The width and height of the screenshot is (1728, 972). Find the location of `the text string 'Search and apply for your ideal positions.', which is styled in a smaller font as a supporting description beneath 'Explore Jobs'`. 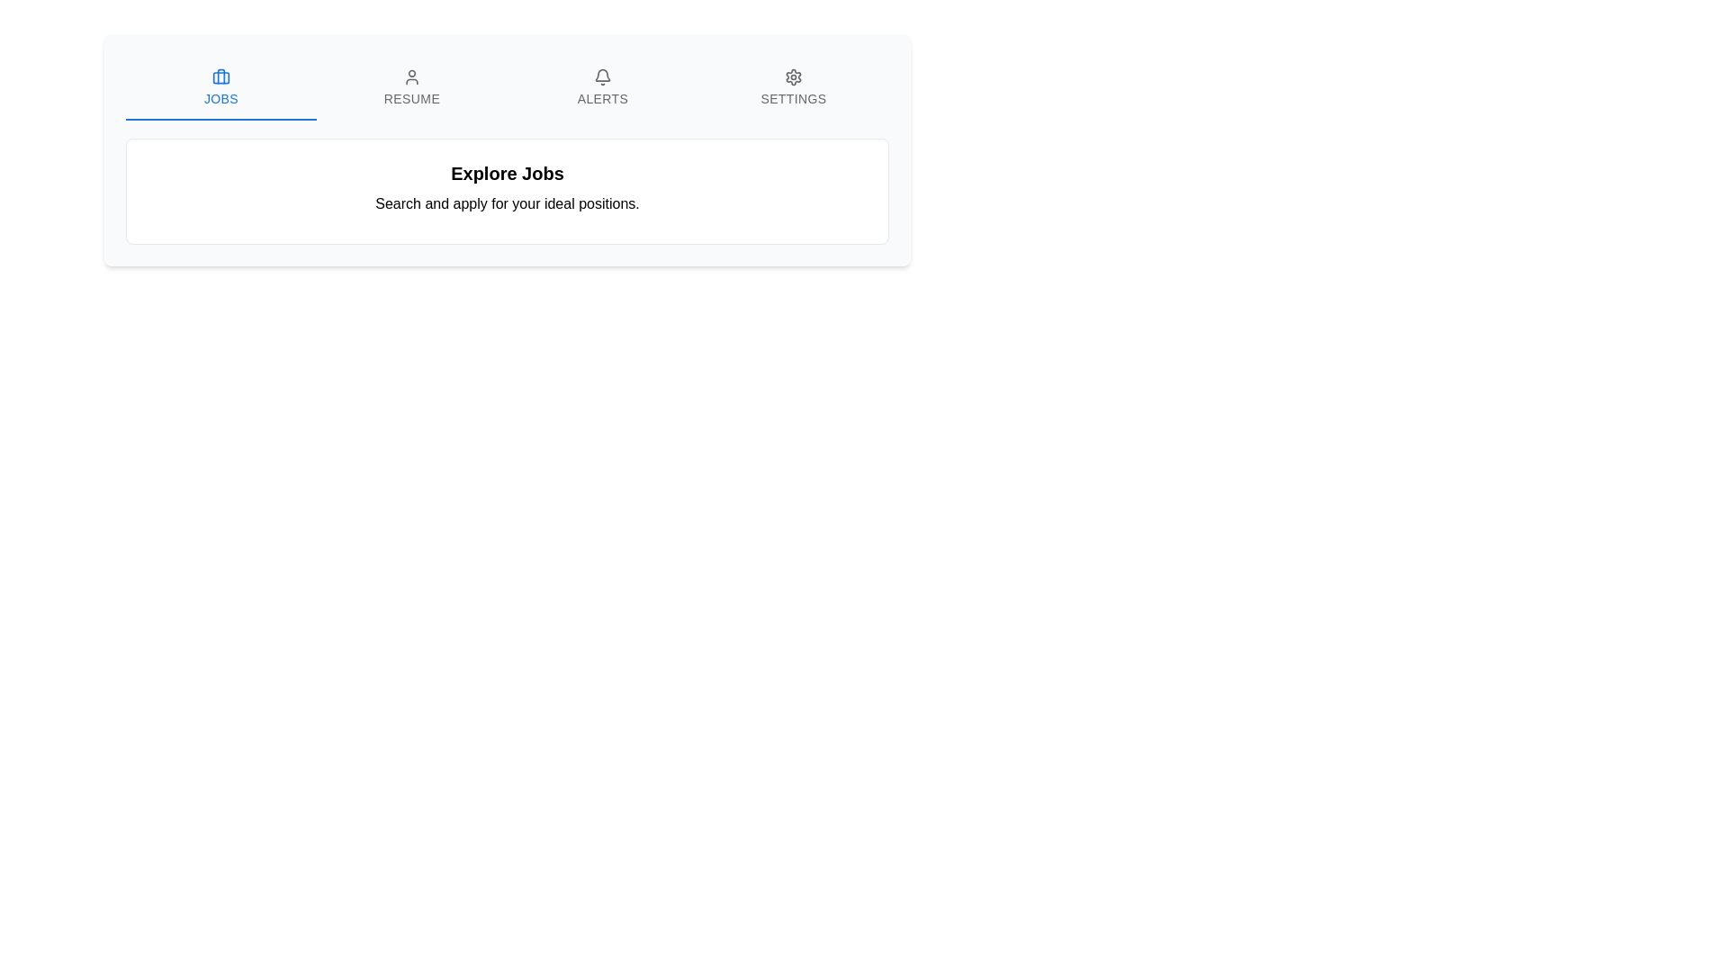

the text string 'Search and apply for your ideal positions.', which is styled in a smaller font as a supporting description beneath 'Explore Jobs' is located at coordinates (507, 203).